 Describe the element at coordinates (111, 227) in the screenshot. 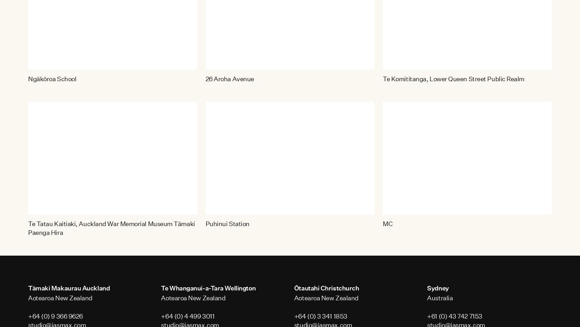

I see `'Te Tatau Kaitiaki, Auckland War Memorial Museum Tāmaki Paenga Hira'` at that location.